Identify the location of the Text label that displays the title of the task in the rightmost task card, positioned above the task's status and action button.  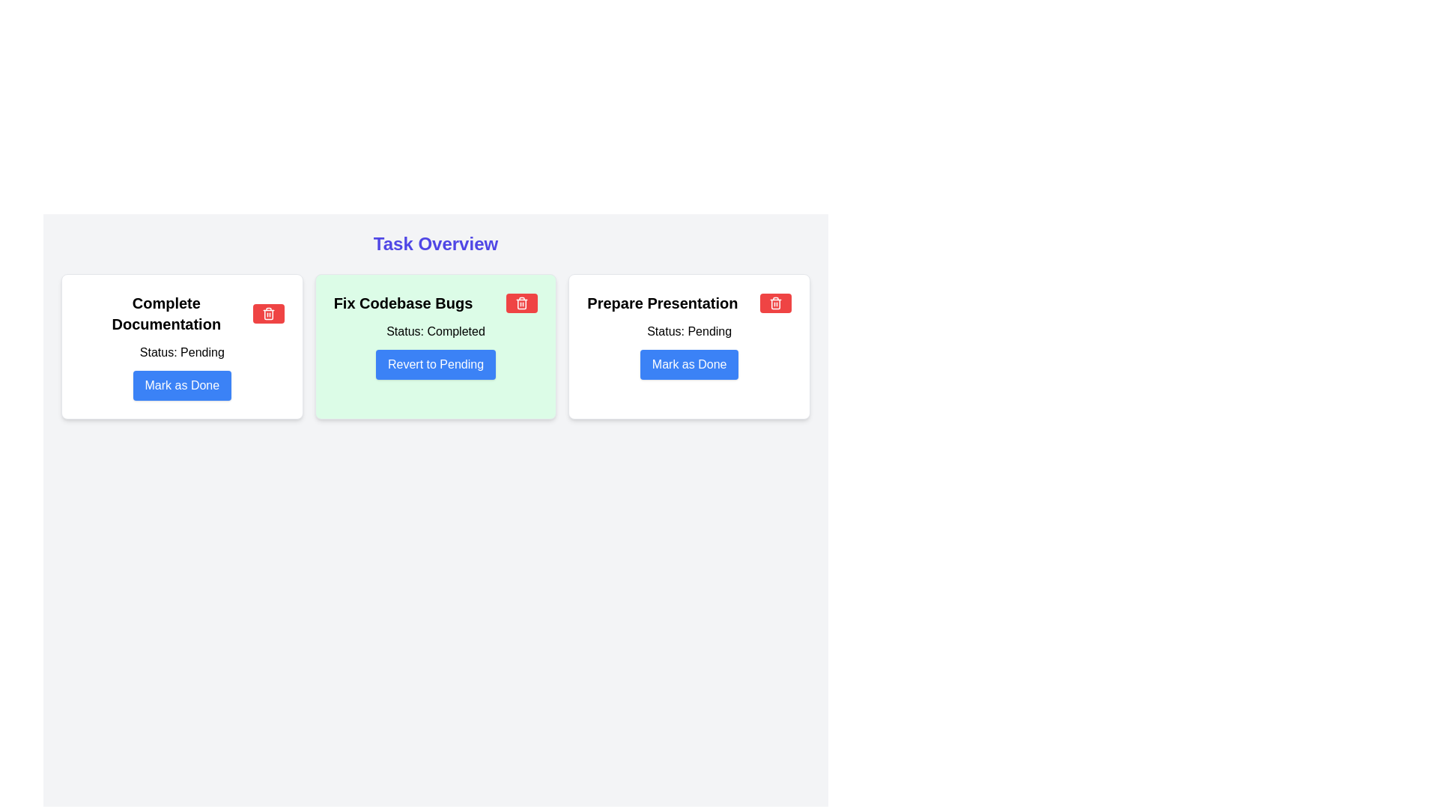
(661, 303).